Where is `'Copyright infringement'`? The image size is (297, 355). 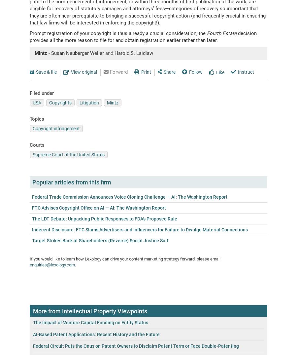 'Copyright infringement' is located at coordinates (56, 129).